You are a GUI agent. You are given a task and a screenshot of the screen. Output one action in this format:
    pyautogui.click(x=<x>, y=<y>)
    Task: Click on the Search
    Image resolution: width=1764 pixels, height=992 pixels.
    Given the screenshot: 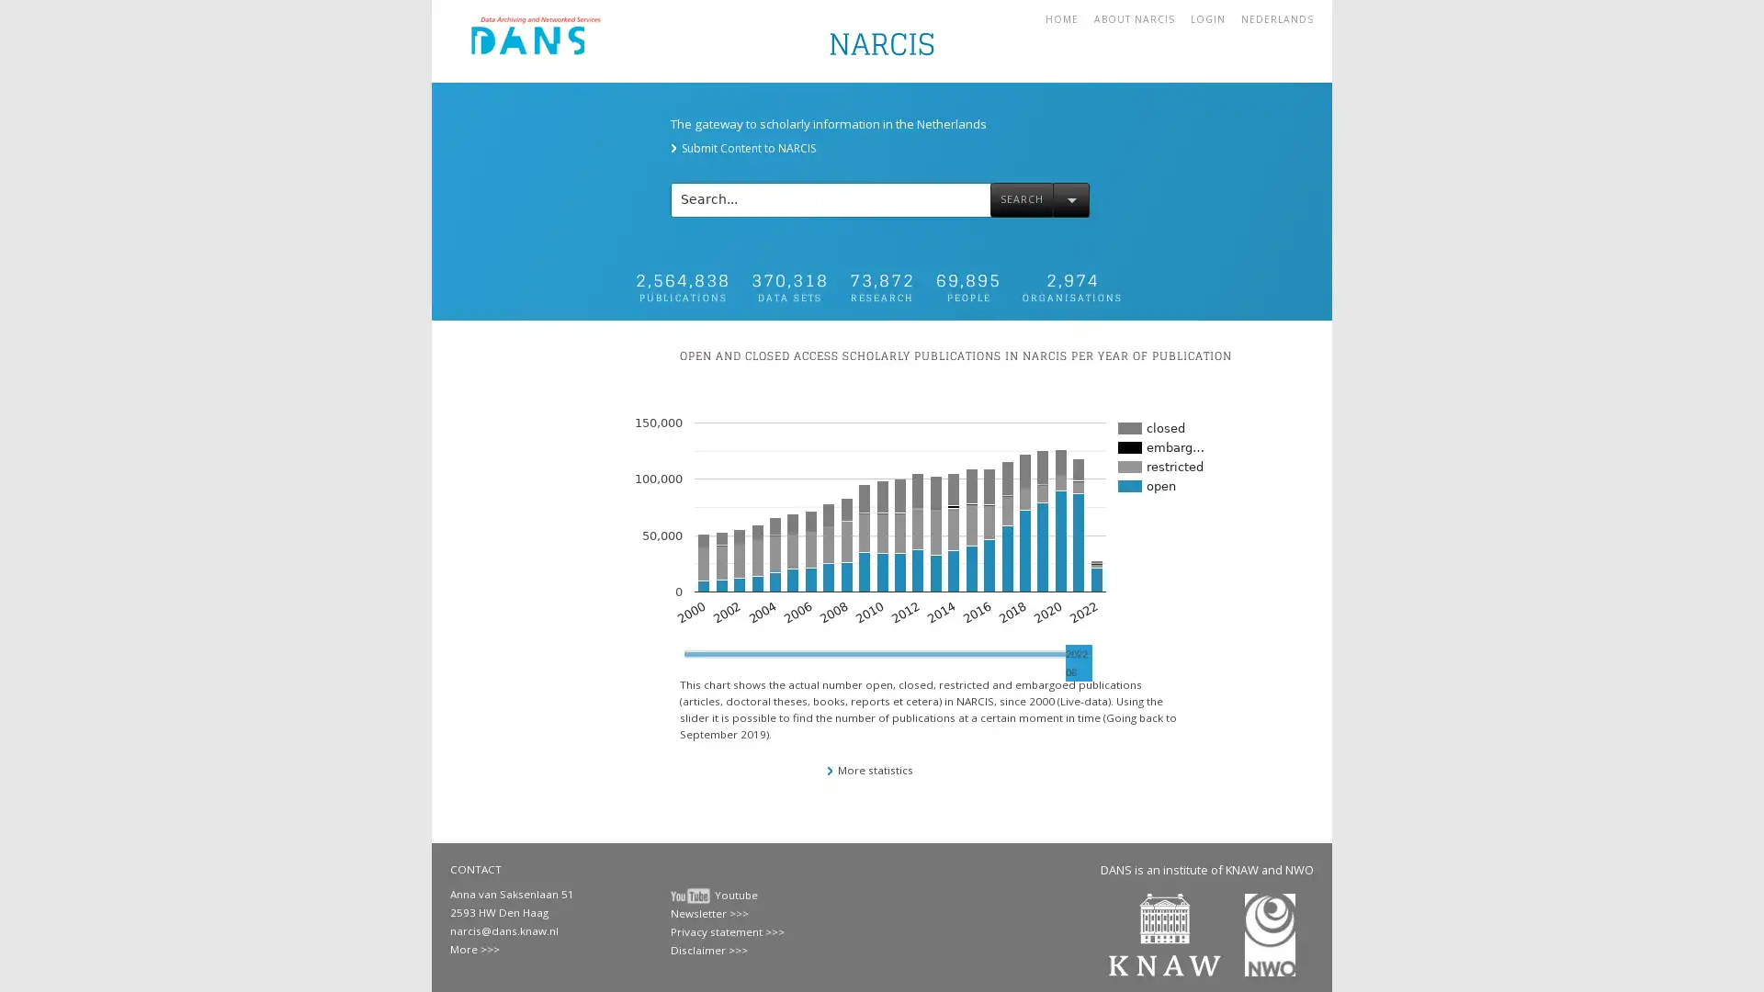 What is the action you would take?
    pyautogui.click(x=1021, y=198)
    